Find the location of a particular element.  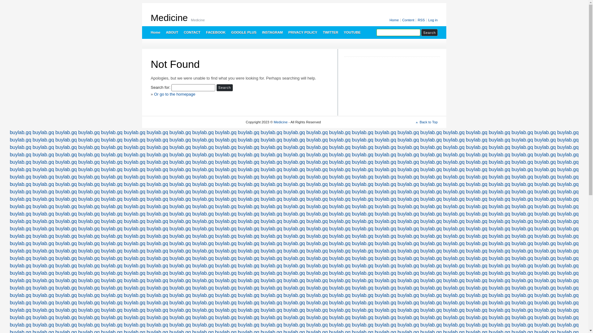

'buylab.gq' is located at coordinates (43, 140).